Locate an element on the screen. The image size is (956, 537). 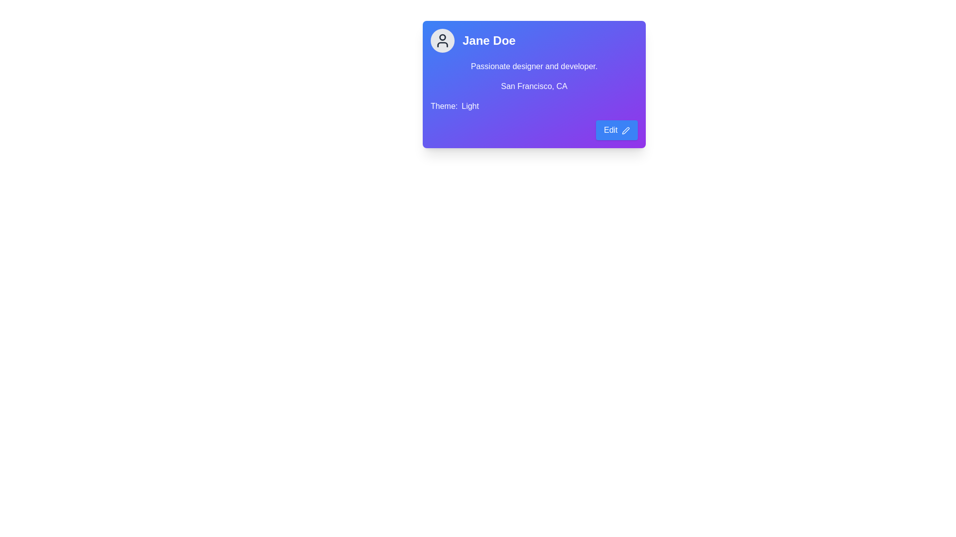
the user name text label located at the top-left of the card component, positioned to the right of the avatar icon is located at coordinates (489, 40).